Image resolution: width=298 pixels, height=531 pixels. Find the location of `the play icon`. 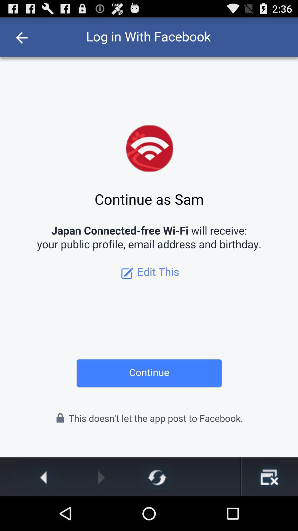

the play icon is located at coordinates (101, 511).